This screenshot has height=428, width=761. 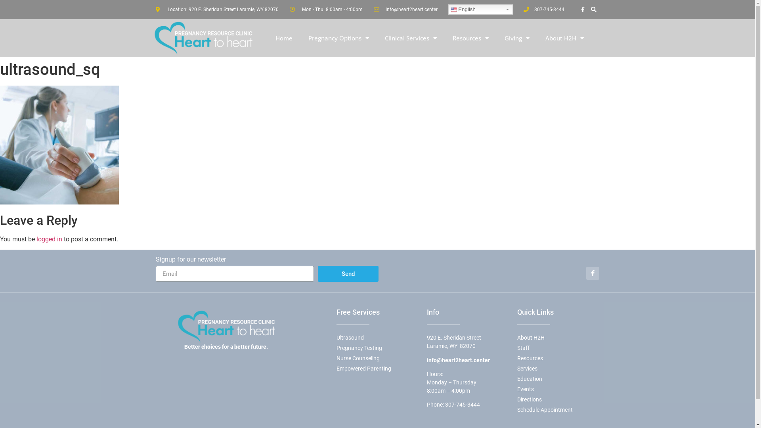 I want to click on 'English', so click(x=480, y=9).